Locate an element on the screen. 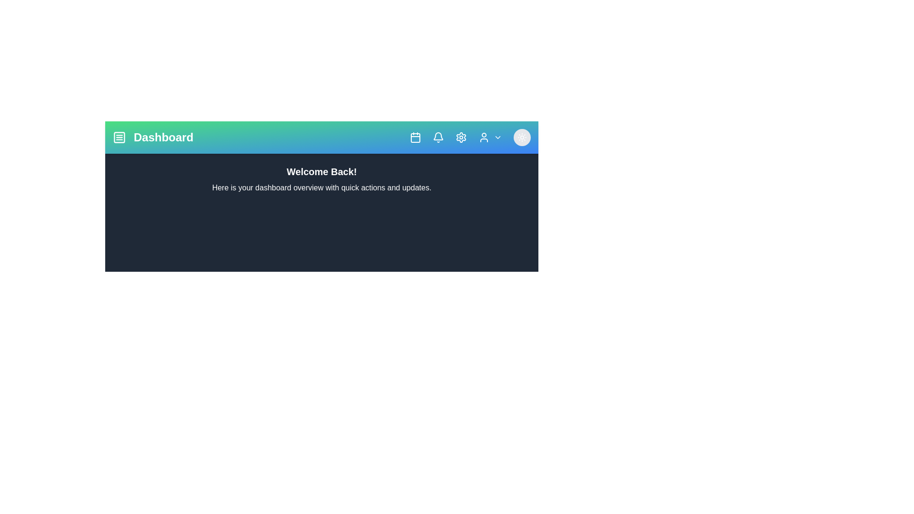 The width and height of the screenshot is (914, 514). the calendar icon to open the calendar view is located at coordinates (416, 138).